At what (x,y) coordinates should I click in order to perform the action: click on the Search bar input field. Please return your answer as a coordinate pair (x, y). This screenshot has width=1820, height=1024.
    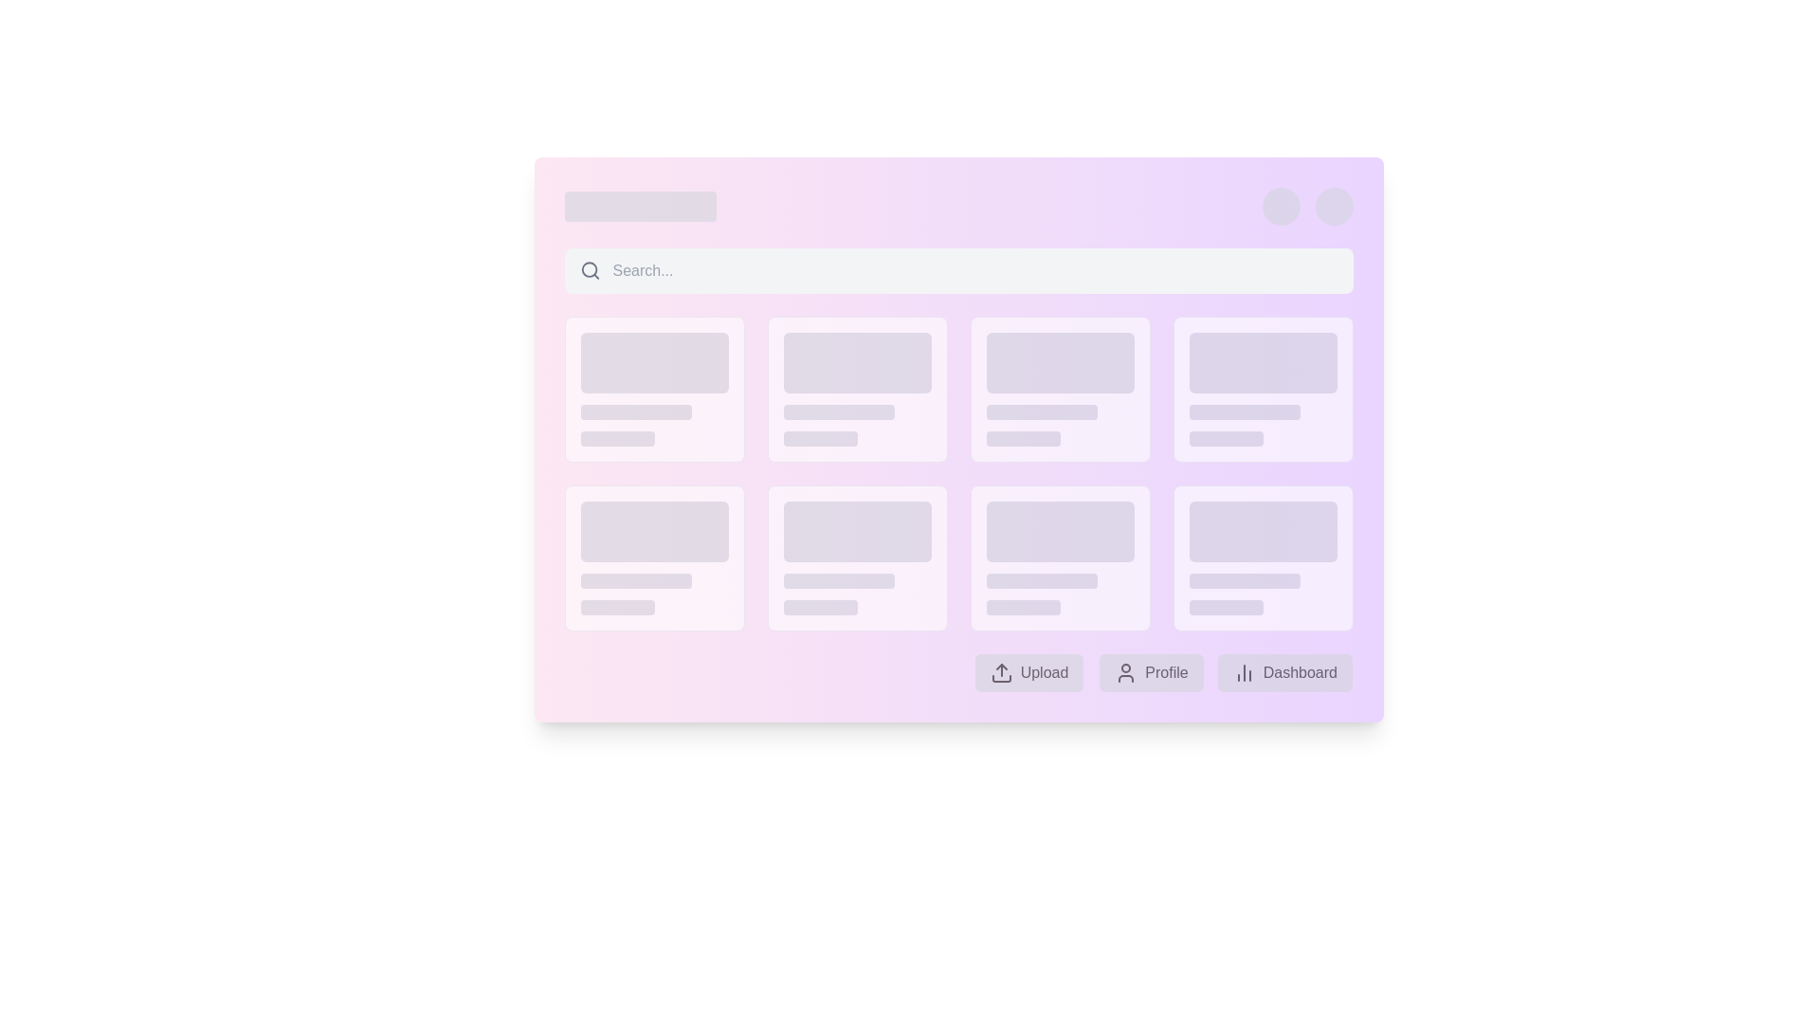
    Looking at the image, I should click on (958, 270).